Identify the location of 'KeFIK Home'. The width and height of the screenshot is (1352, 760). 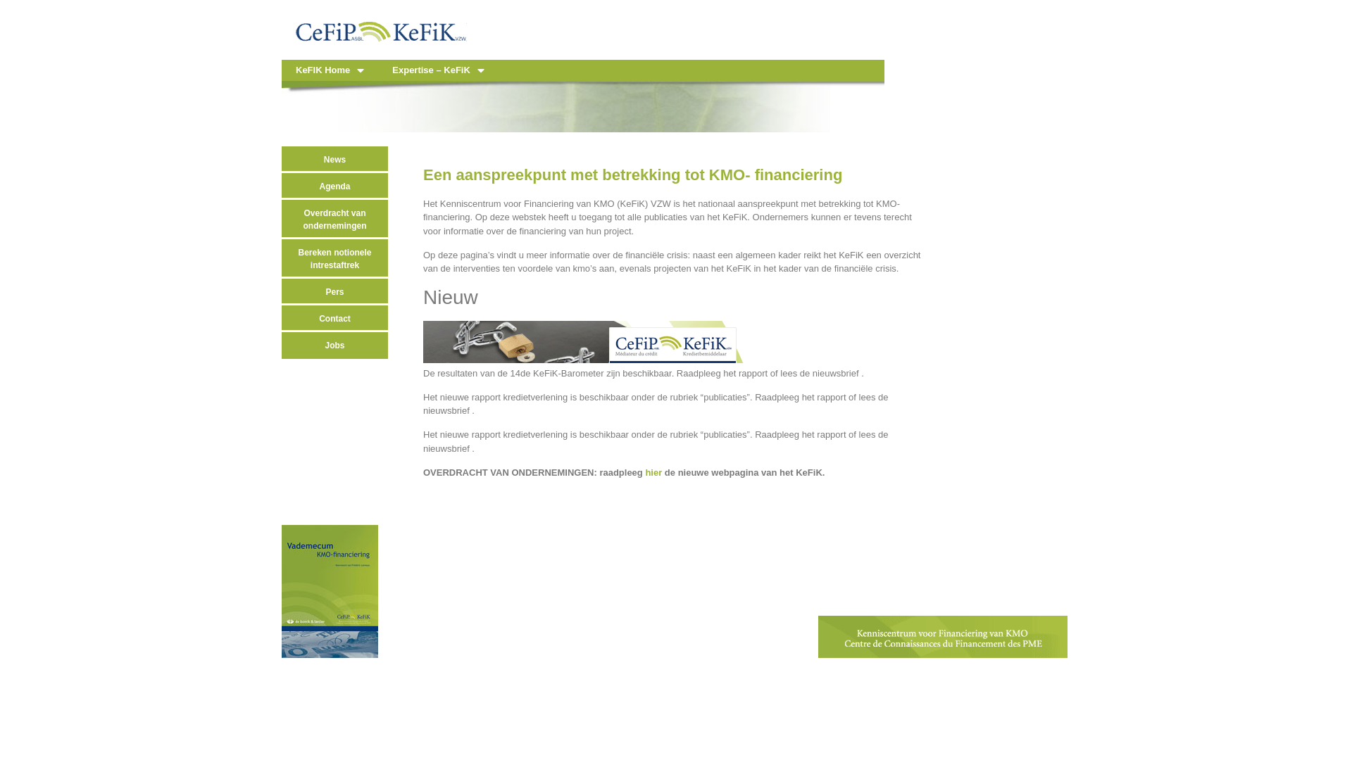
(329, 70).